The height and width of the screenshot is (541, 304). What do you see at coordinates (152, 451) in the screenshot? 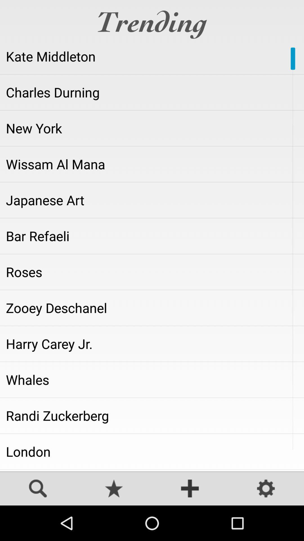
I see `london` at bounding box center [152, 451].